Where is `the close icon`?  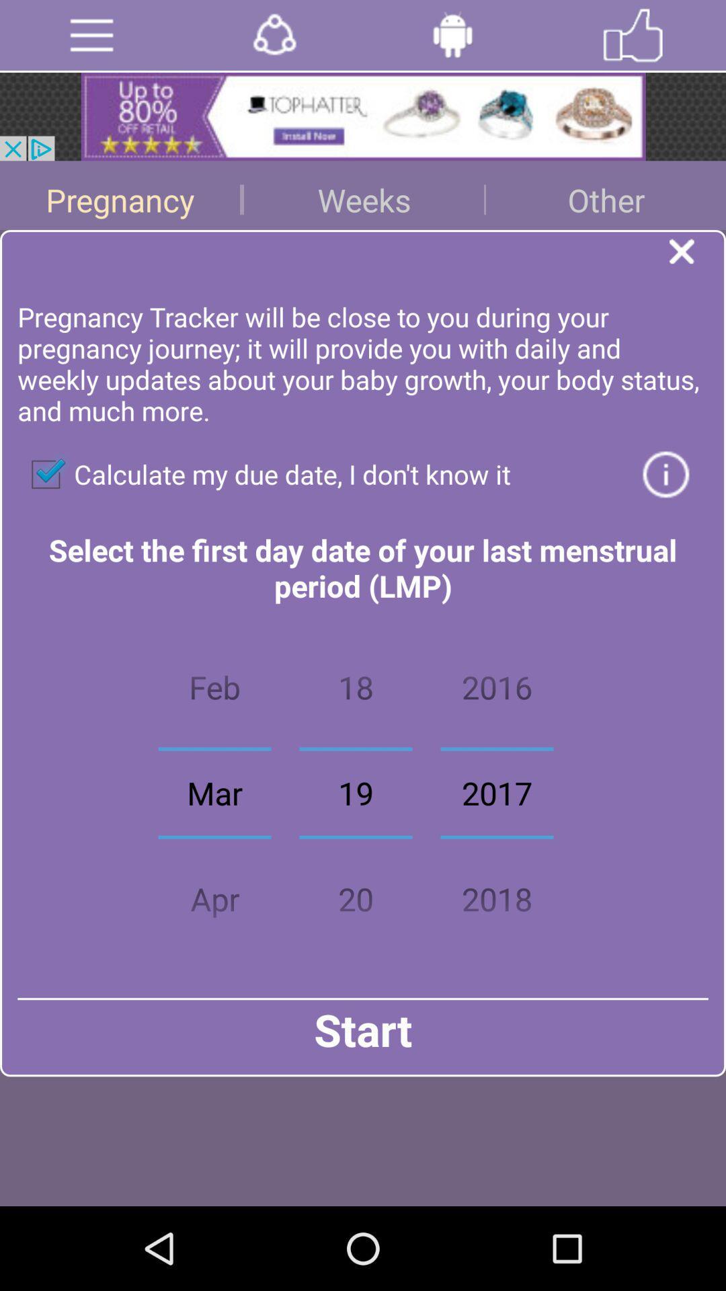 the close icon is located at coordinates (696, 273).